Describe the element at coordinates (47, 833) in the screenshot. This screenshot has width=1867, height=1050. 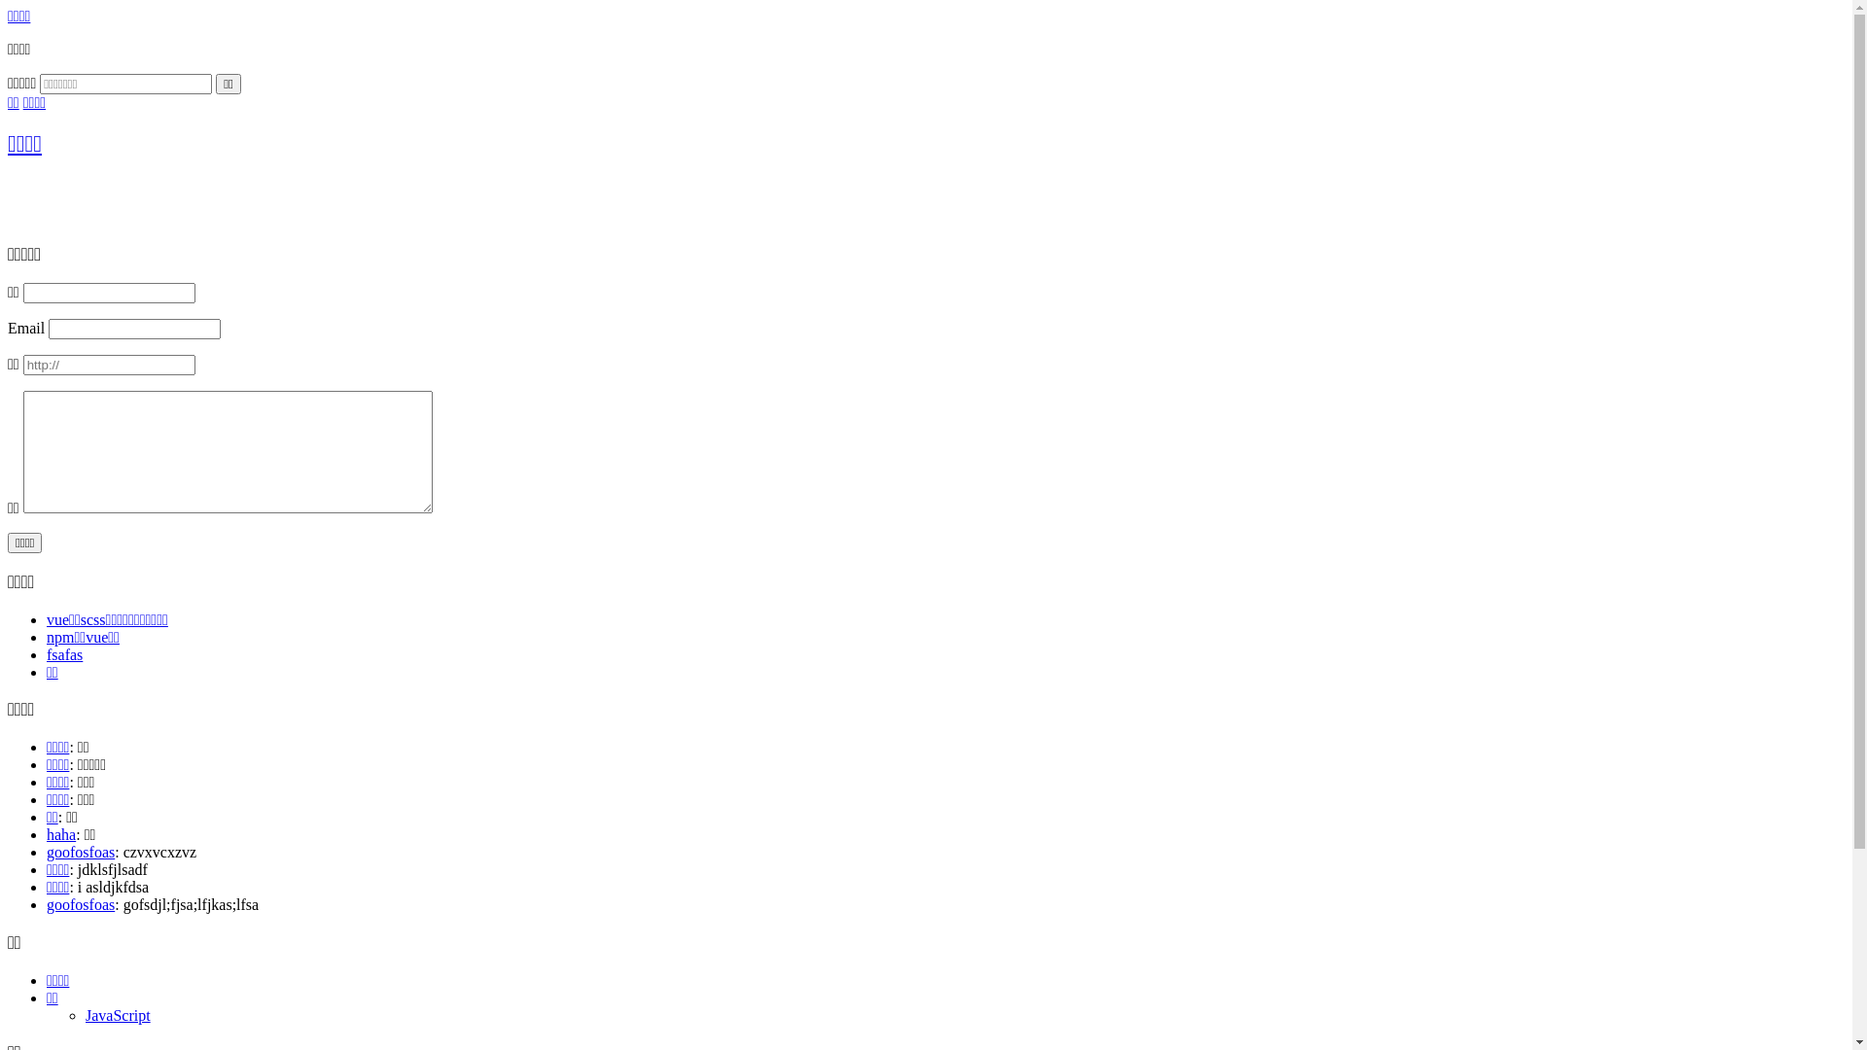
I see `'haha'` at that location.